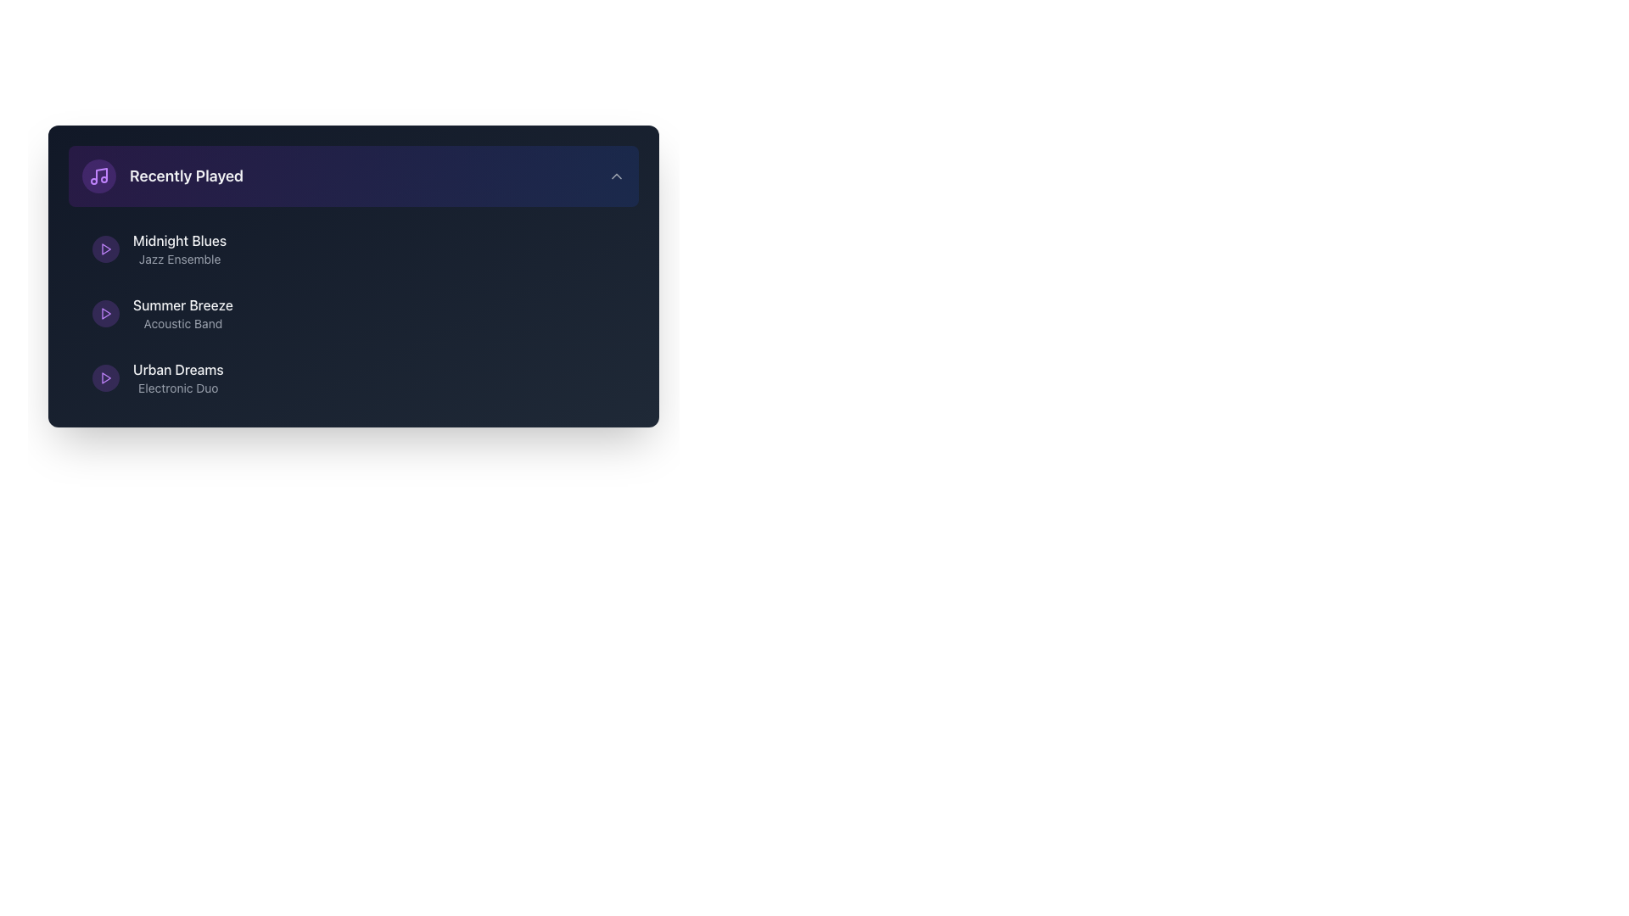 This screenshot has width=1629, height=916. Describe the element at coordinates (178, 377) in the screenshot. I see `the text label that displays 'Urban Dreams' as the title and 'Electronic Duo' as the subtitle, located in the lower-left section of the list as the third item` at that location.